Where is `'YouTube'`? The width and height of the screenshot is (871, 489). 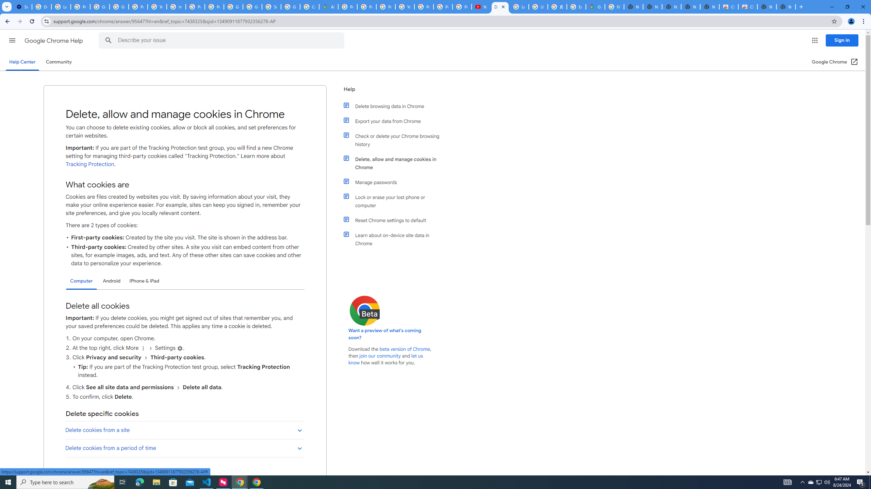 'YouTube' is located at coordinates (481, 6).